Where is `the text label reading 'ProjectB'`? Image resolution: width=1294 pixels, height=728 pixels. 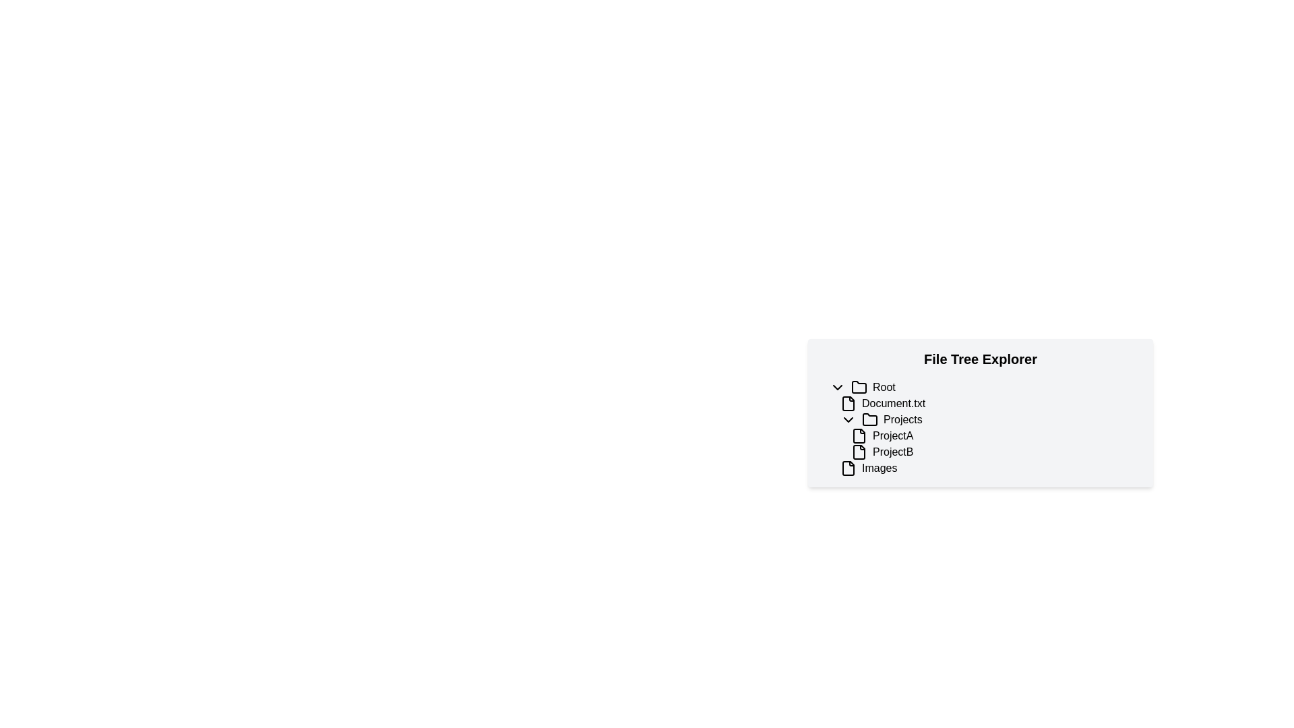
the text label reading 'ProjectB' is located at coordinates (893, 452).